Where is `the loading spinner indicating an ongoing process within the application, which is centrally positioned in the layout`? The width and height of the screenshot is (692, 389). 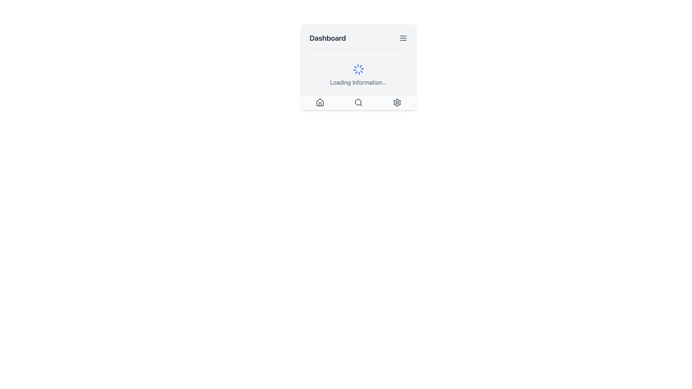
the loading spinner indicating an ongoing process within the application, which is centrally positioned in the layout is located at coordinates (358, 69).